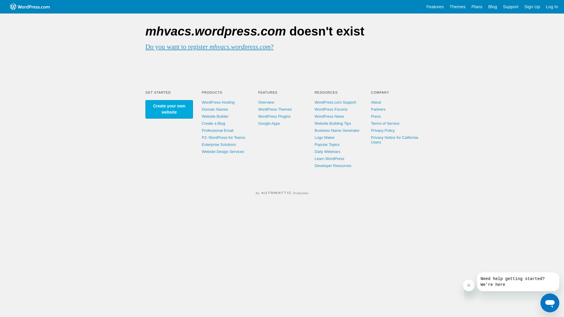 This screenshot has height=317, width=564. Describe the element at coordinates (266, 102) in the screenshot. I see `'Overview'` at that location.